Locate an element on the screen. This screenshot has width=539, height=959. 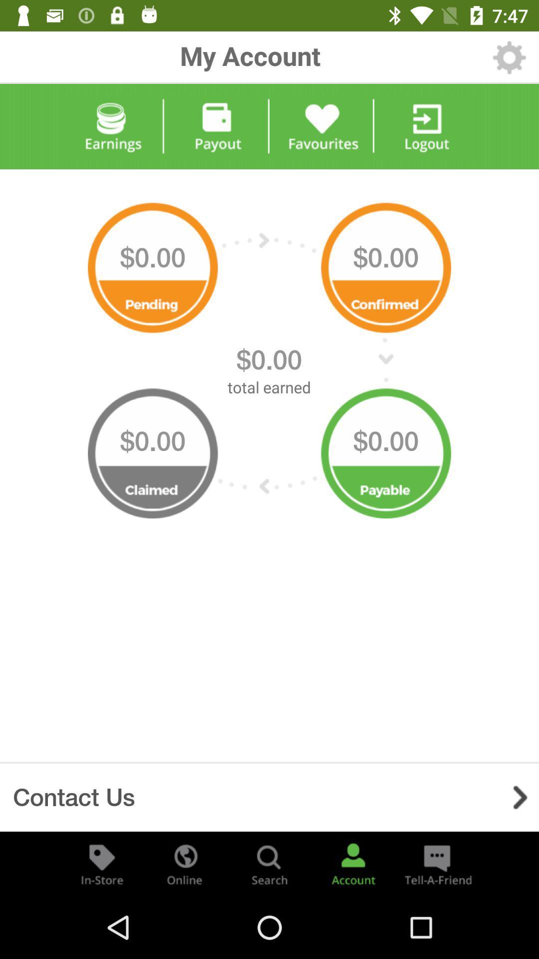
the search icon is located at coordinates (269, 863).